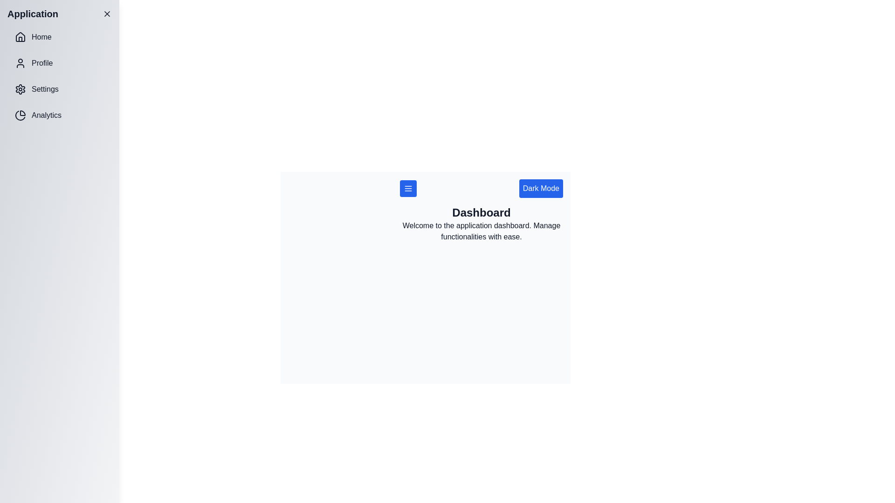 The height and width of the screenshot is (503, 895). Describe the element at coordinates (481, 224) in the screenshot. I see `the text block titled 'Dashboard' which includes the description 'Welcome to the application dashboard. Manage functionalities with ease.' This element is prominently styled and located at the top-center of the main content area, below the navigation bar` at that location.